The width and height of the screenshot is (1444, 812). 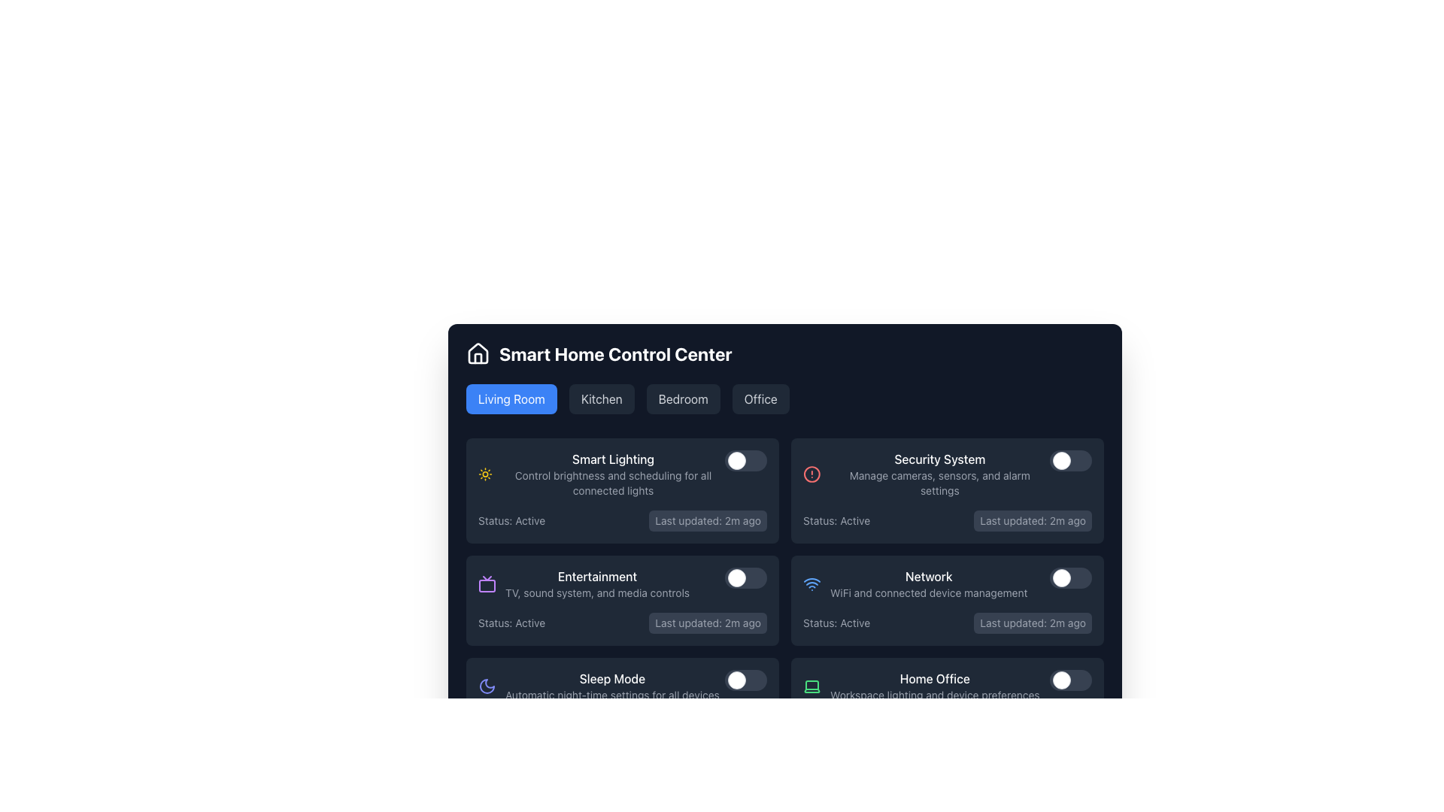 I want to click on the static text element that provides descriptive information about the 'Security System,' which is located directly under the heading in the upper-right card labeled 'Security System.', so click(x=939, y=483).